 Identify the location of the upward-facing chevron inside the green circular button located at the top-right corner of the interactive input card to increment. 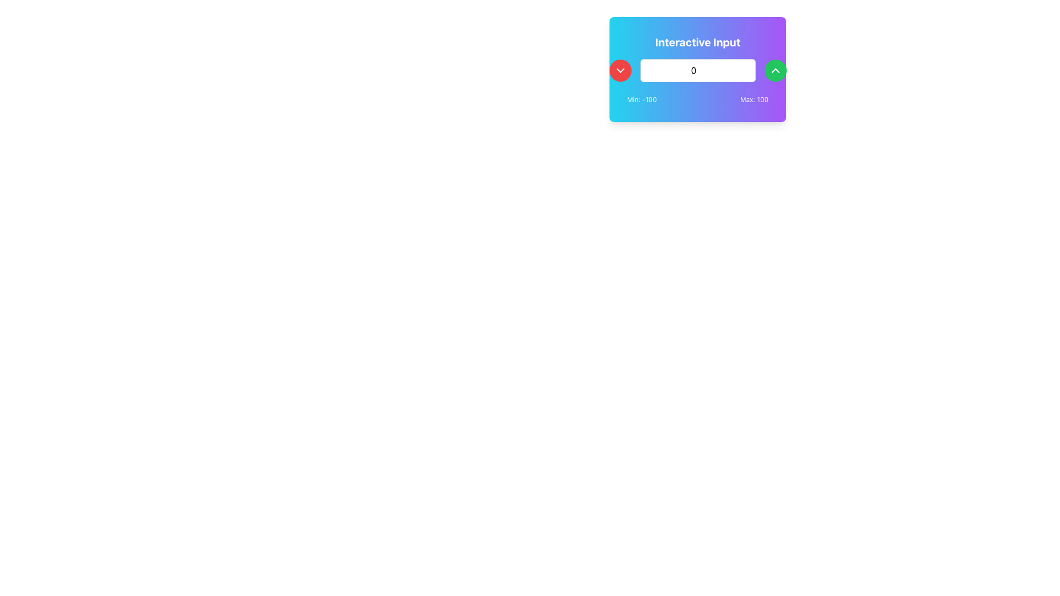
(775, 70).